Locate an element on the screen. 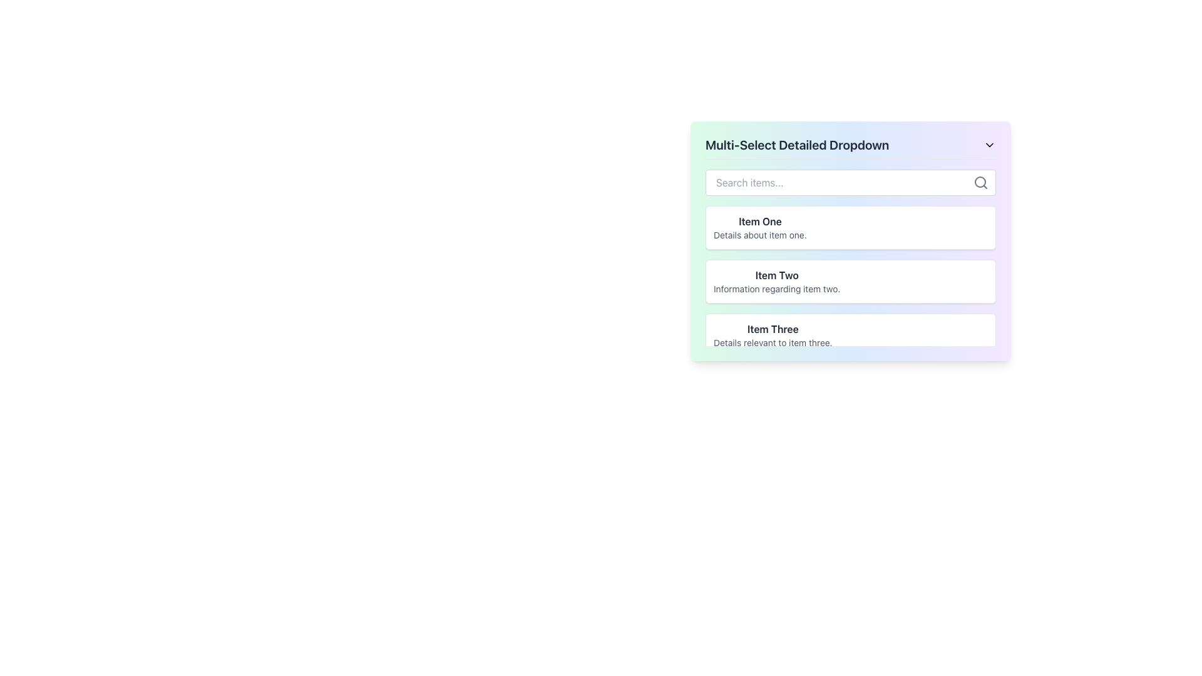  the second item in the dropdown list labeled 'Multi-Select Detailed Dropdown' is located at coordinates (850, 275).